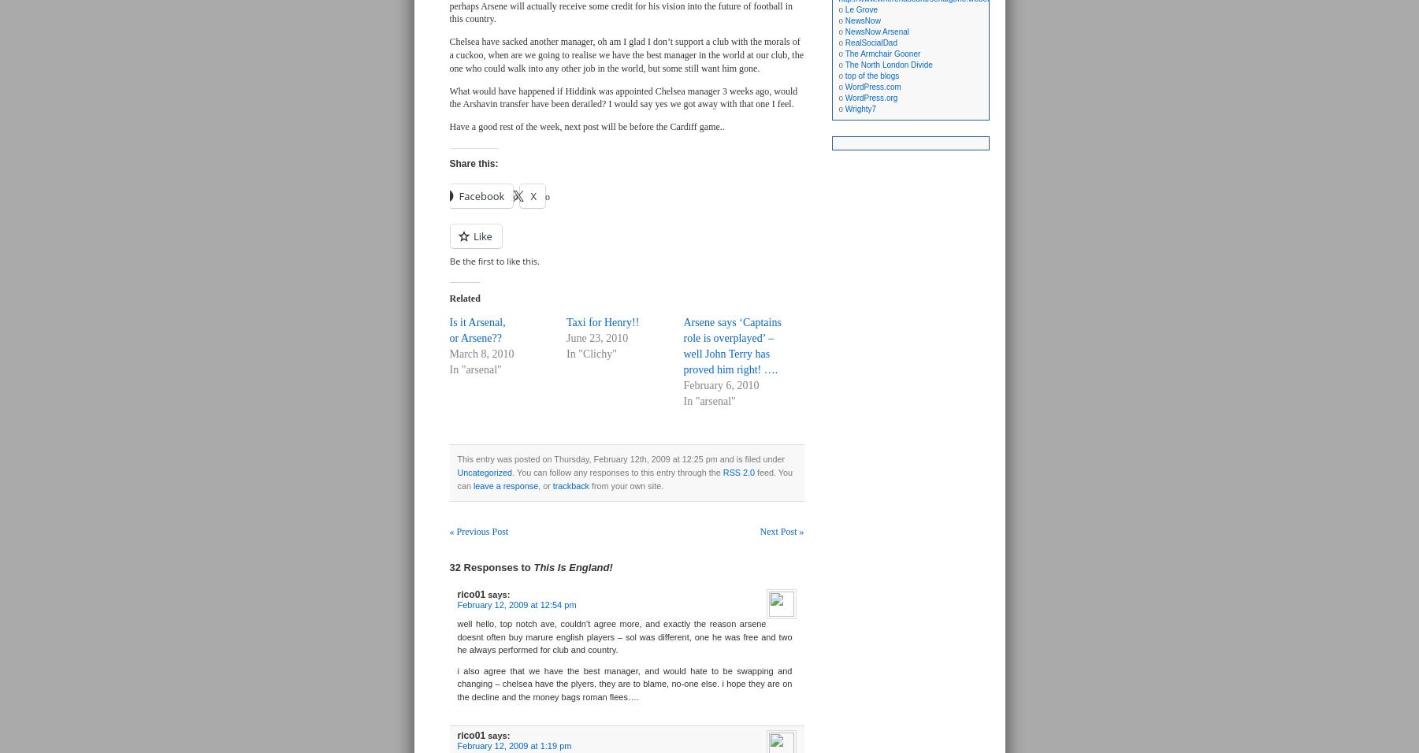  What do you see at coordinates (624, 683) in the screenshot?
I see `'i also agree that we have the best manager, and would hate to be swapping and changing – chelsea have the plyers, they are to blame, no-one else. i hope they are on the decline and the money bags roman flees….'` at bounding box center [624, 683].